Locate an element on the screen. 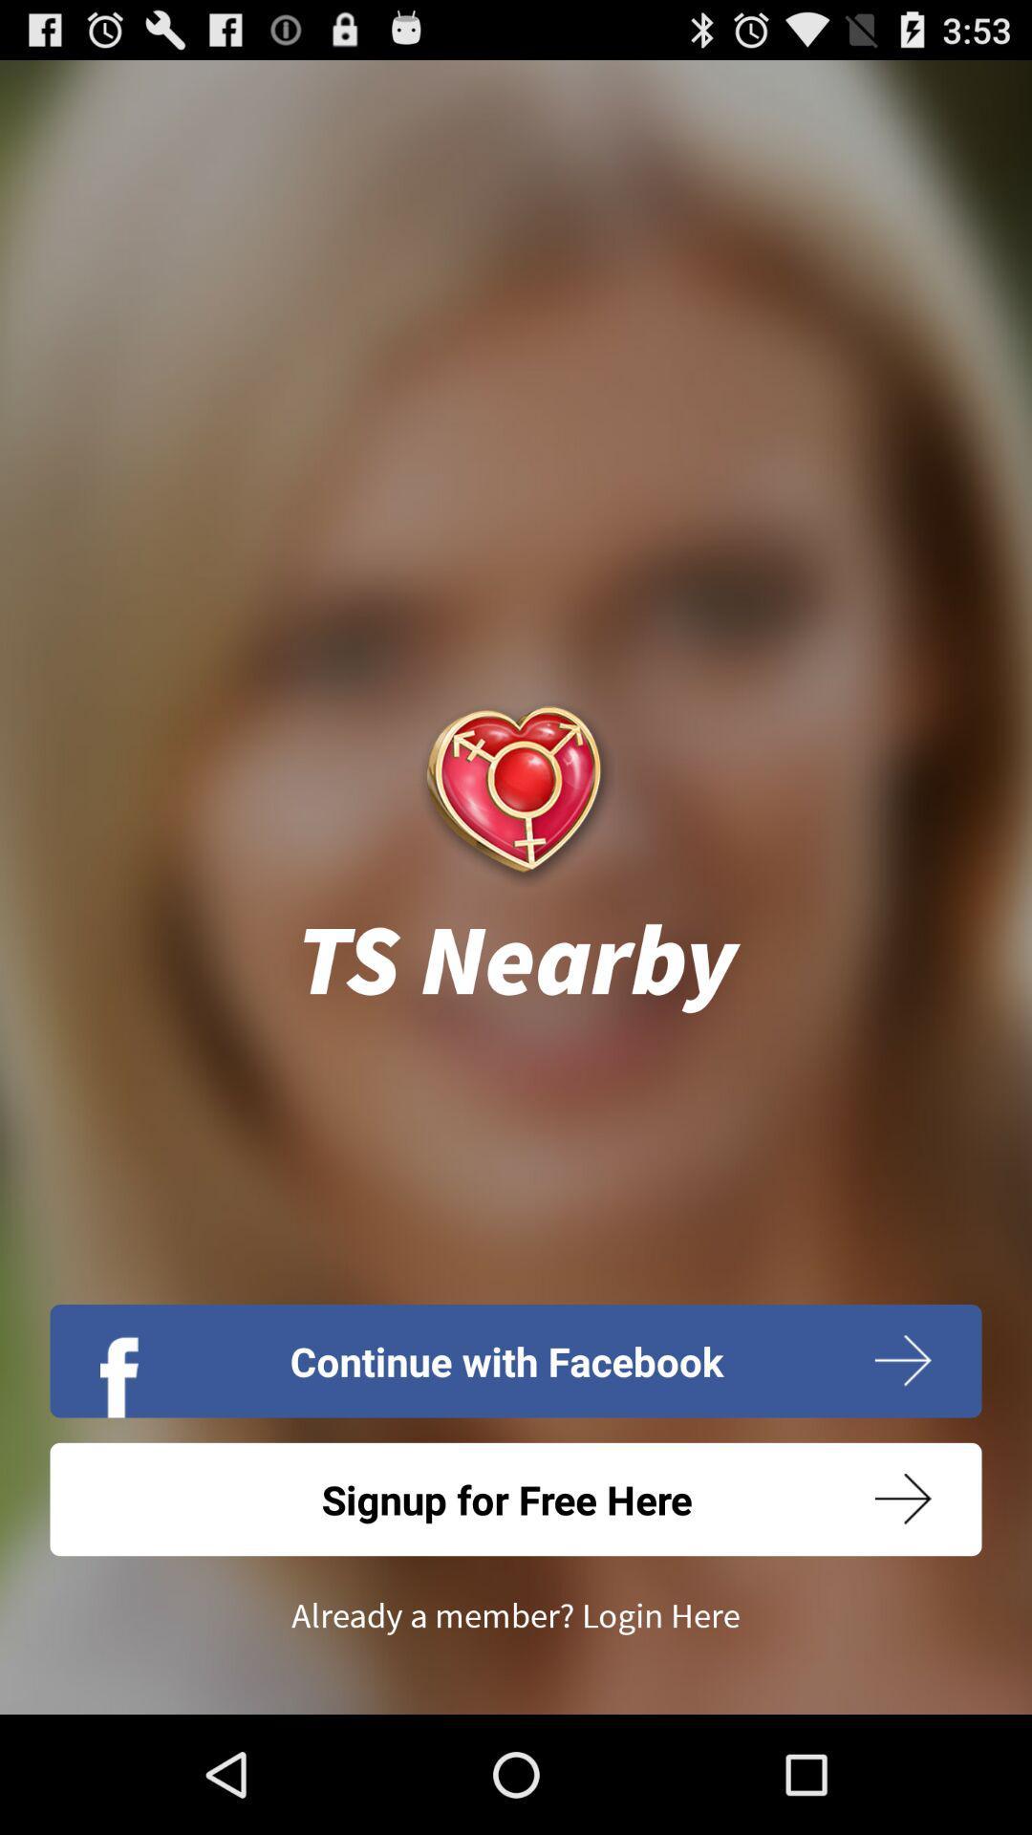 The width and height of the screenshot is (1032, 1835). the button above the signup for free item is located at coordinates (516, 1360).